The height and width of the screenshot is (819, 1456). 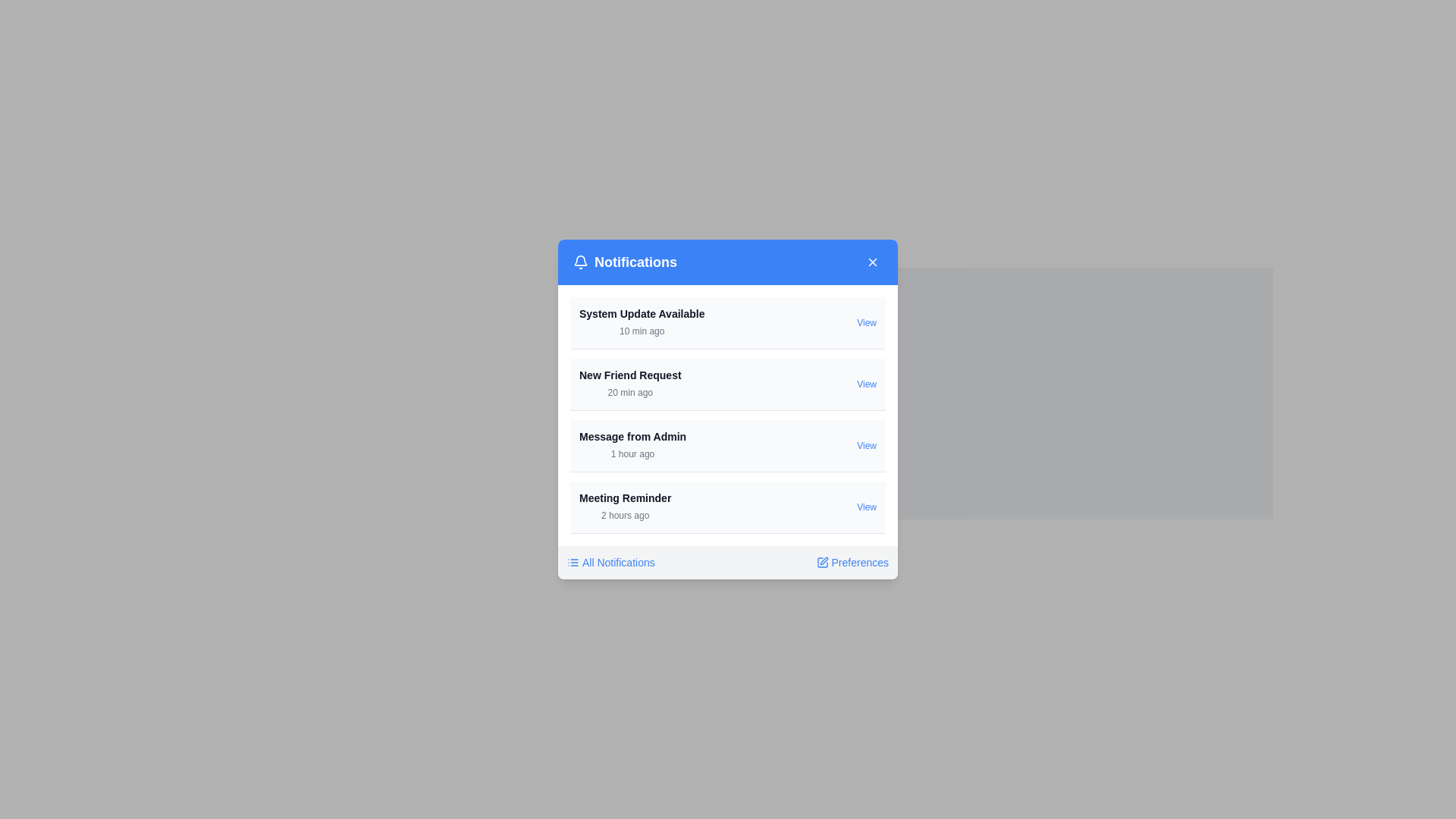 I want to click on the 'Preferences' link located at the bottom-right corner of the notification panel, which is styled in blue text and has a small edit icon (stylized pen), so click(x=852, y=562).